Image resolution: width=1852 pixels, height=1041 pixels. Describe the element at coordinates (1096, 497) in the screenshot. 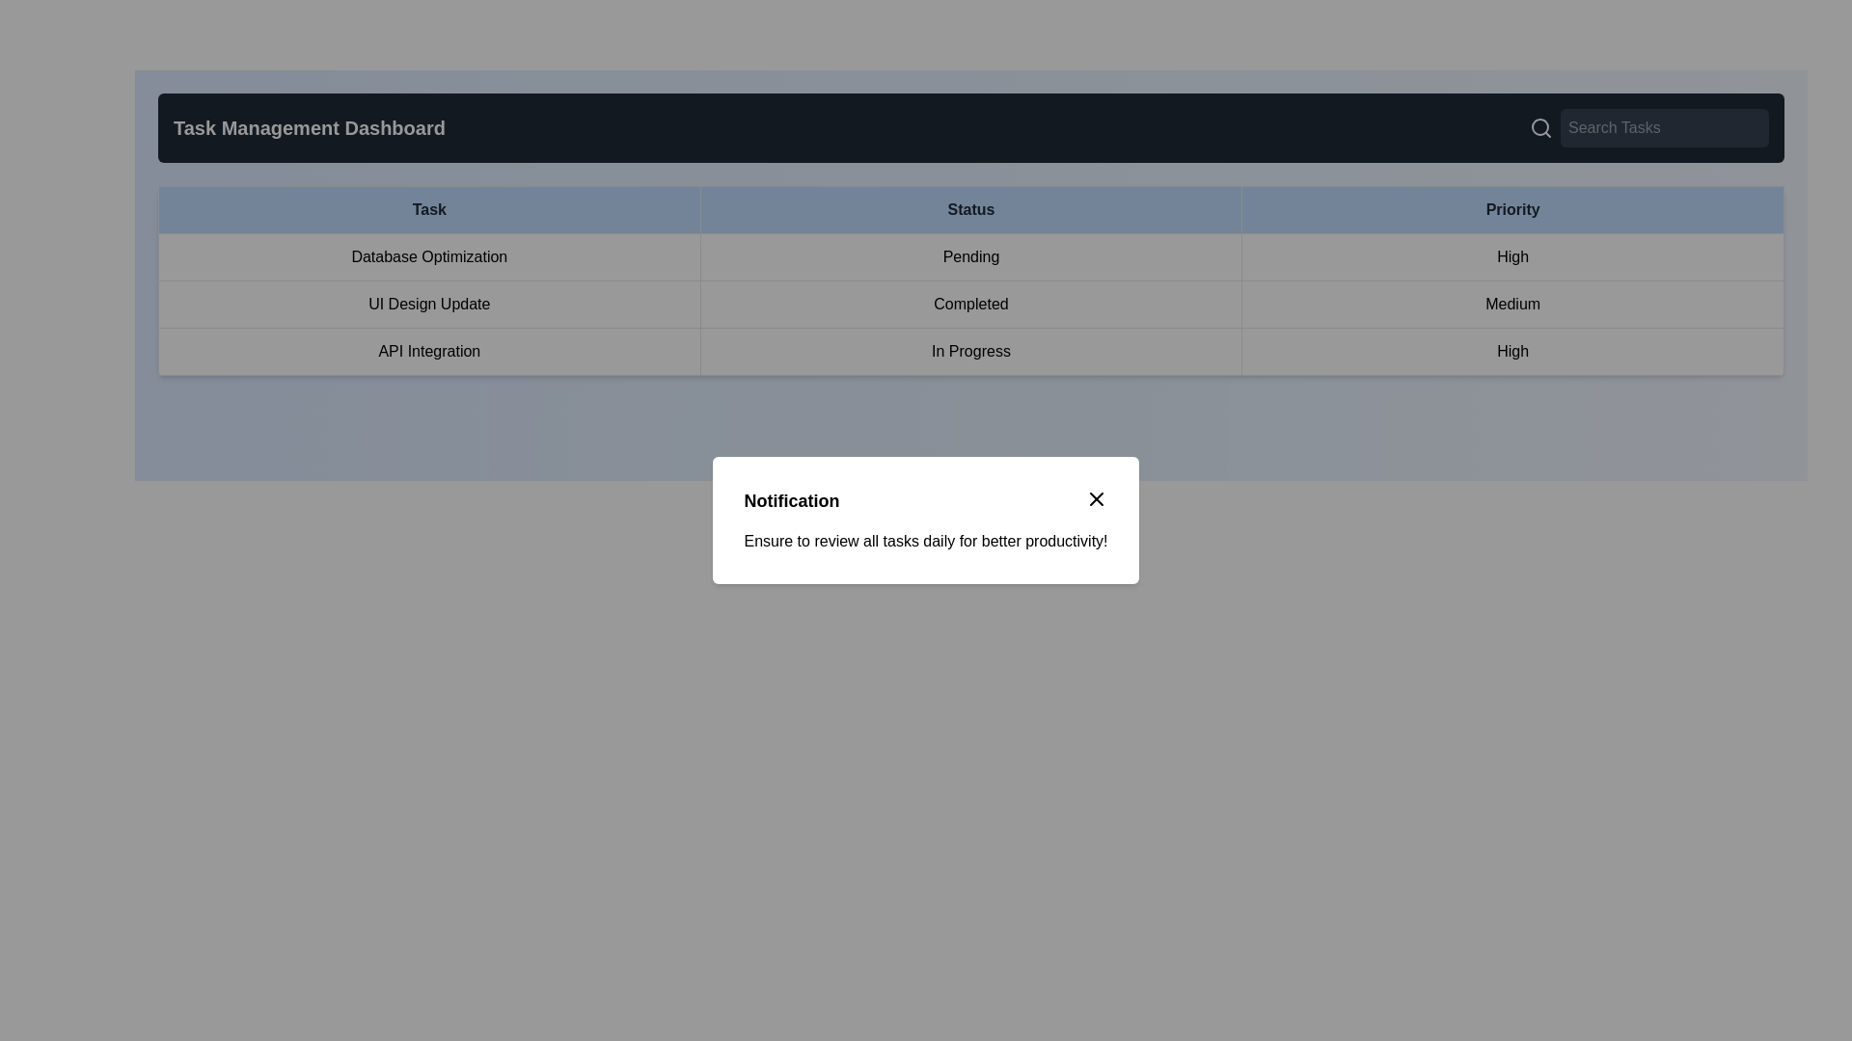

I see `the 'X' icon button in the notification popup` at that location.